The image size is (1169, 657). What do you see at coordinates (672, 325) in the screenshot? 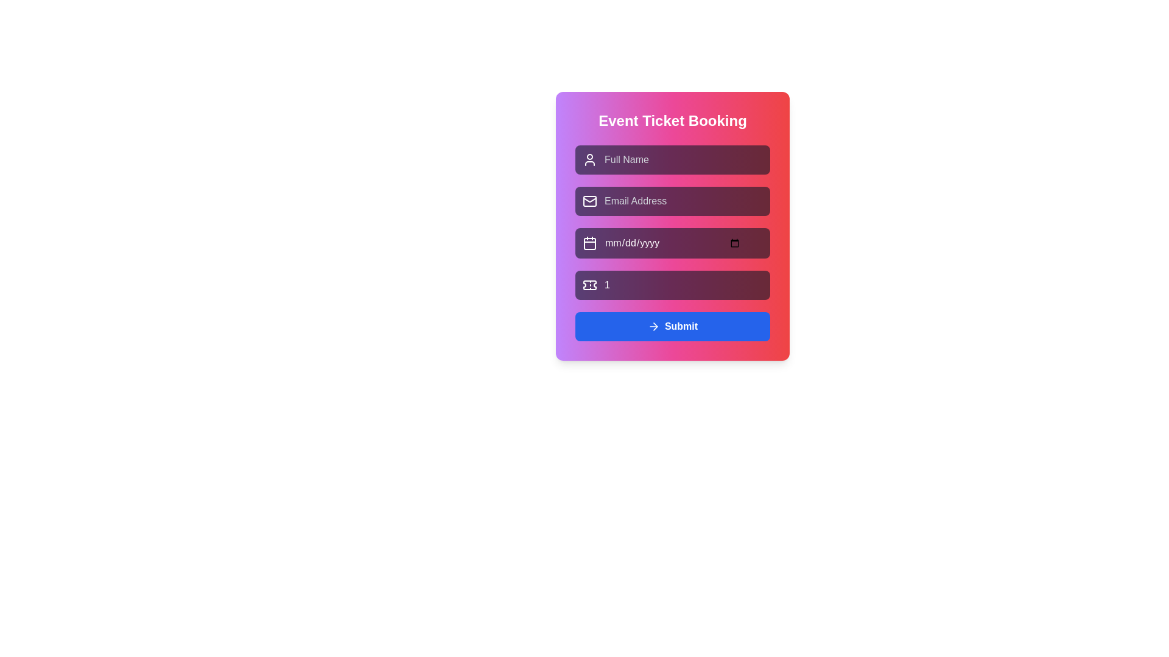
I see `the blue rectangular 'Submit' button with rounded corners located at the bottom of the form` at bounding box center [672, 325].